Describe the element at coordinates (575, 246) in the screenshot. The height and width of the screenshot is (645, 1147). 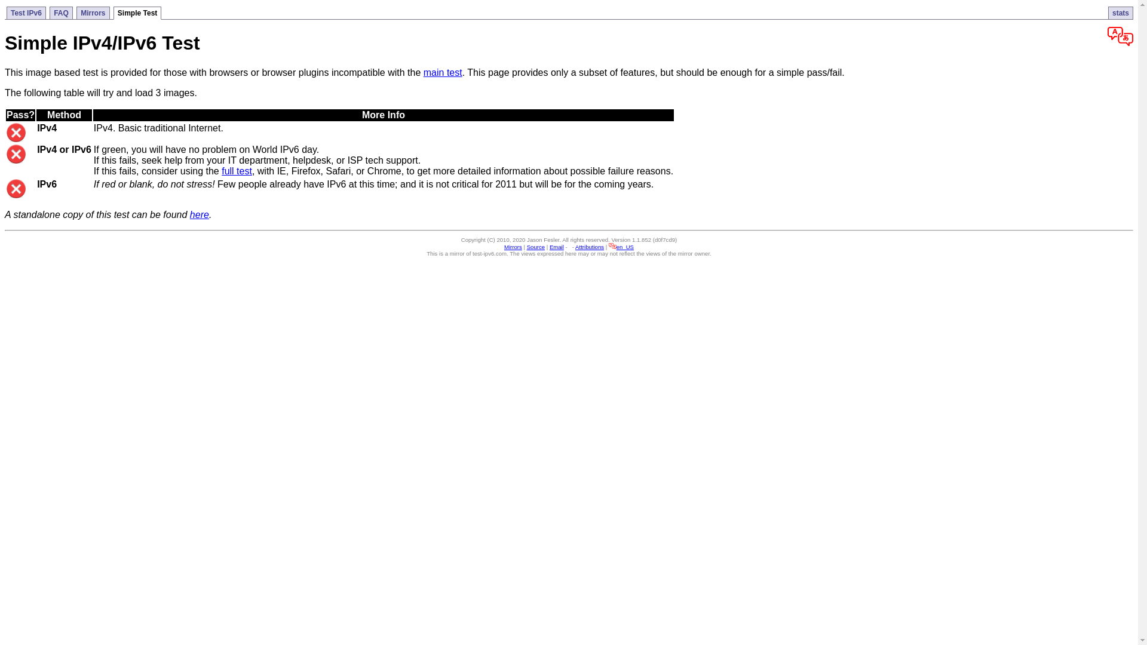
I see `'Attributions'` at that location.